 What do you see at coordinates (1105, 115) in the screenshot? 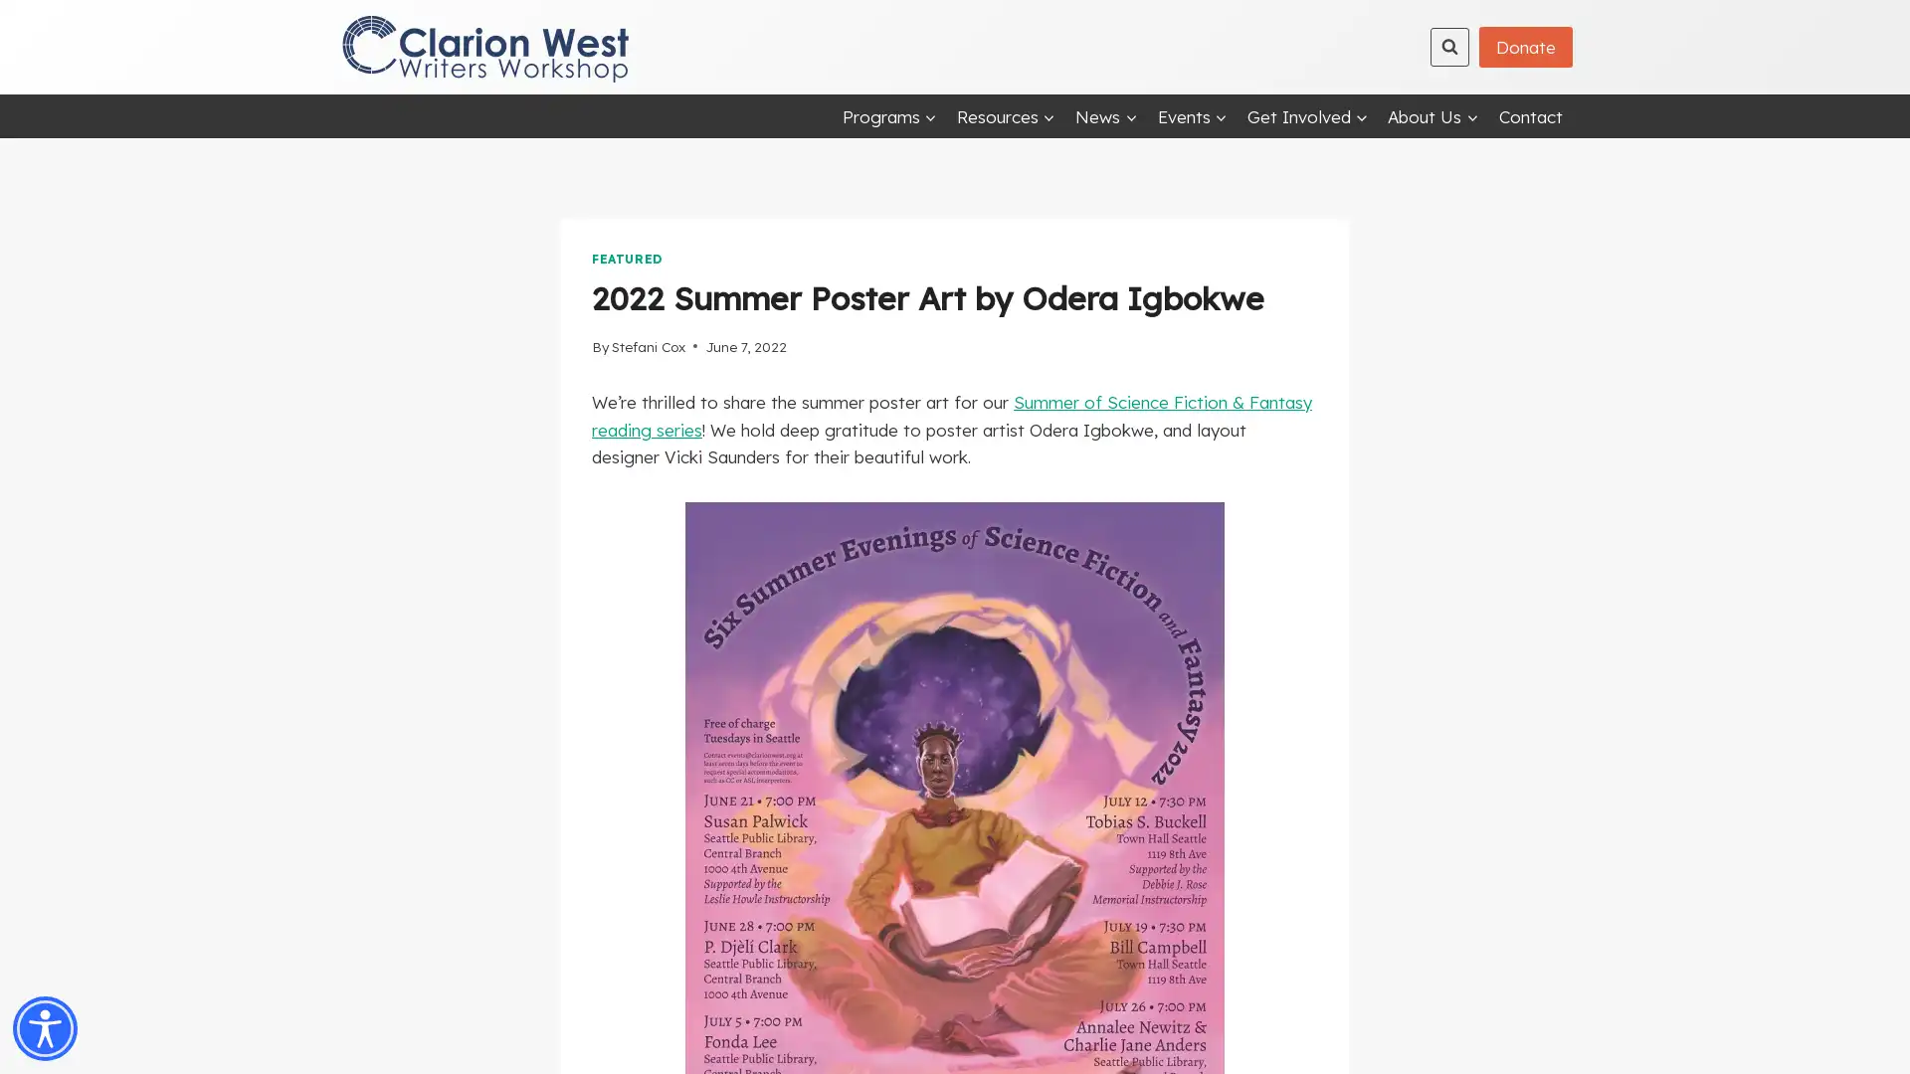
I see `Expand child menu` at bounding box center [1105, 115].